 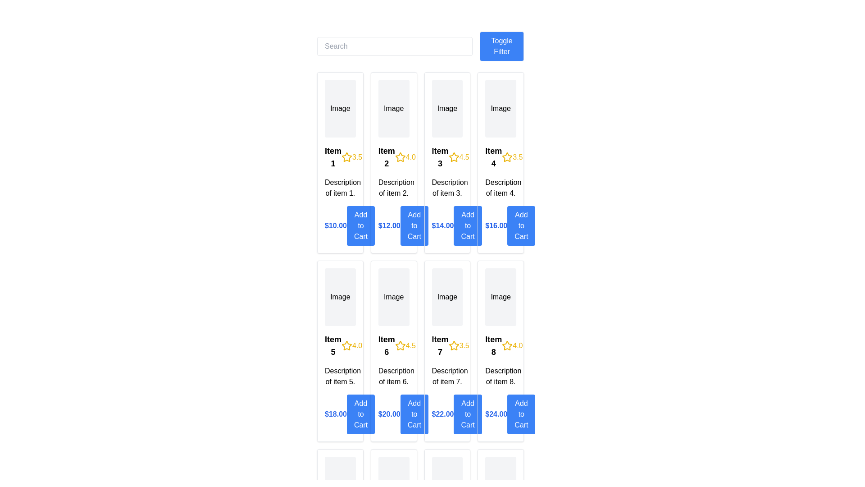 I want to click on the bold blue static text label displaying the value '$14.00' located above the blue 'Add to Cart' button in the third item card from the left, so click(x=443, y=225).